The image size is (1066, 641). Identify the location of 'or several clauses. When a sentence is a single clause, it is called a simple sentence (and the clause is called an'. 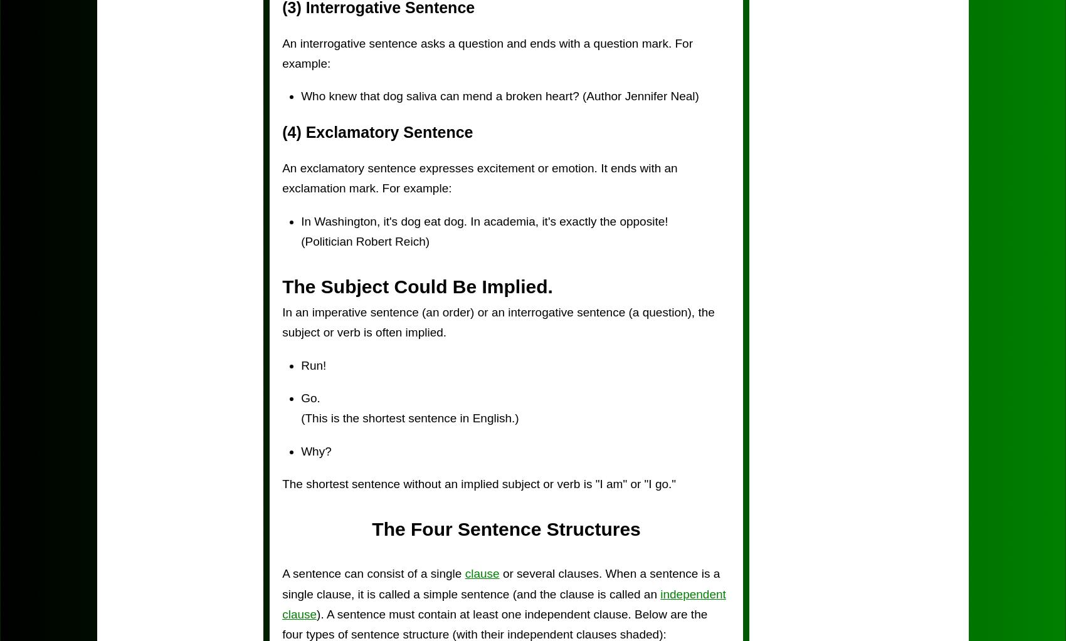
(500, 583).